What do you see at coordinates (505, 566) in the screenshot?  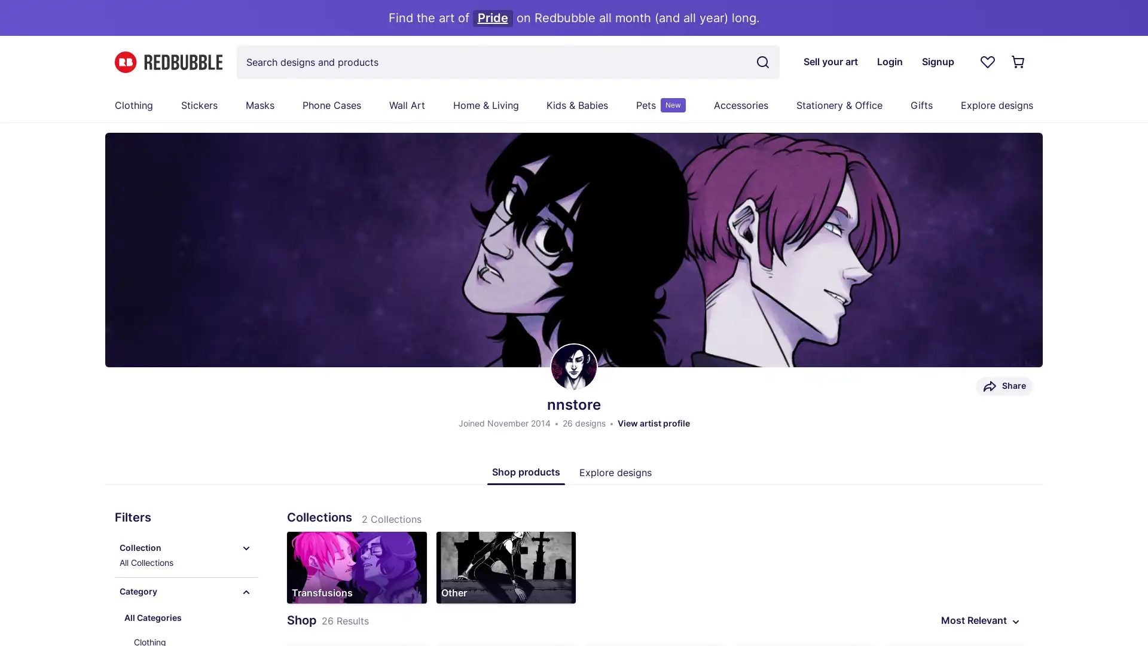 I see `Other` at bounding box center [505, 566].